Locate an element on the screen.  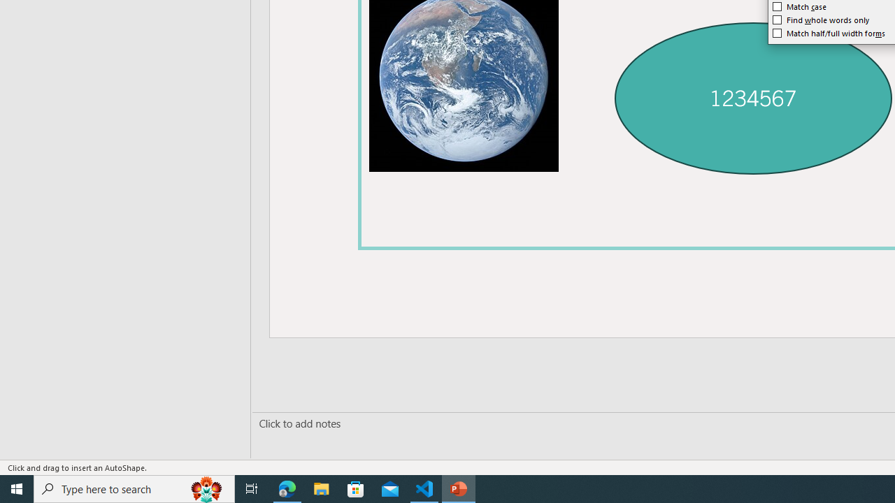
'Microsoft Edge - 1 running window' is located at coordinates (287, 488).